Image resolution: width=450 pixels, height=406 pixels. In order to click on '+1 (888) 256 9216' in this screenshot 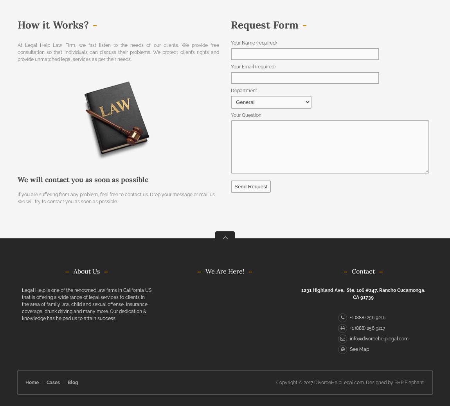, I will do `click(367, 317)`.